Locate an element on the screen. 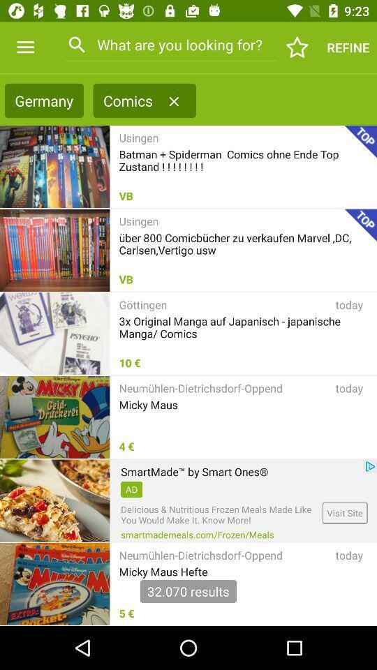 The width and height of the screenshot is (377, 670). item to the right of comics item is located at coordinates (174, 100).